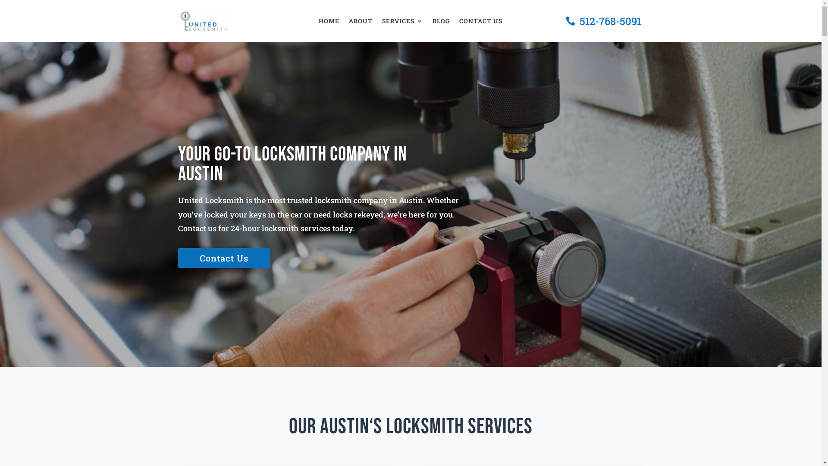  I want to click on 'BLOG', so click(433, 22).